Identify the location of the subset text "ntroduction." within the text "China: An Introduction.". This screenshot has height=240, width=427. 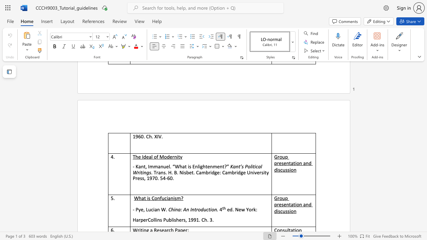
(191, 209).